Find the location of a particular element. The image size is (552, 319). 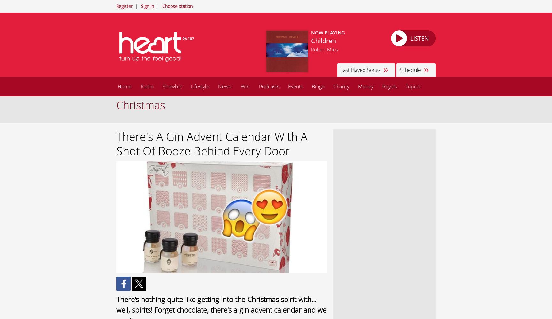

'Now Playing' is located at coordinates (327, 32).